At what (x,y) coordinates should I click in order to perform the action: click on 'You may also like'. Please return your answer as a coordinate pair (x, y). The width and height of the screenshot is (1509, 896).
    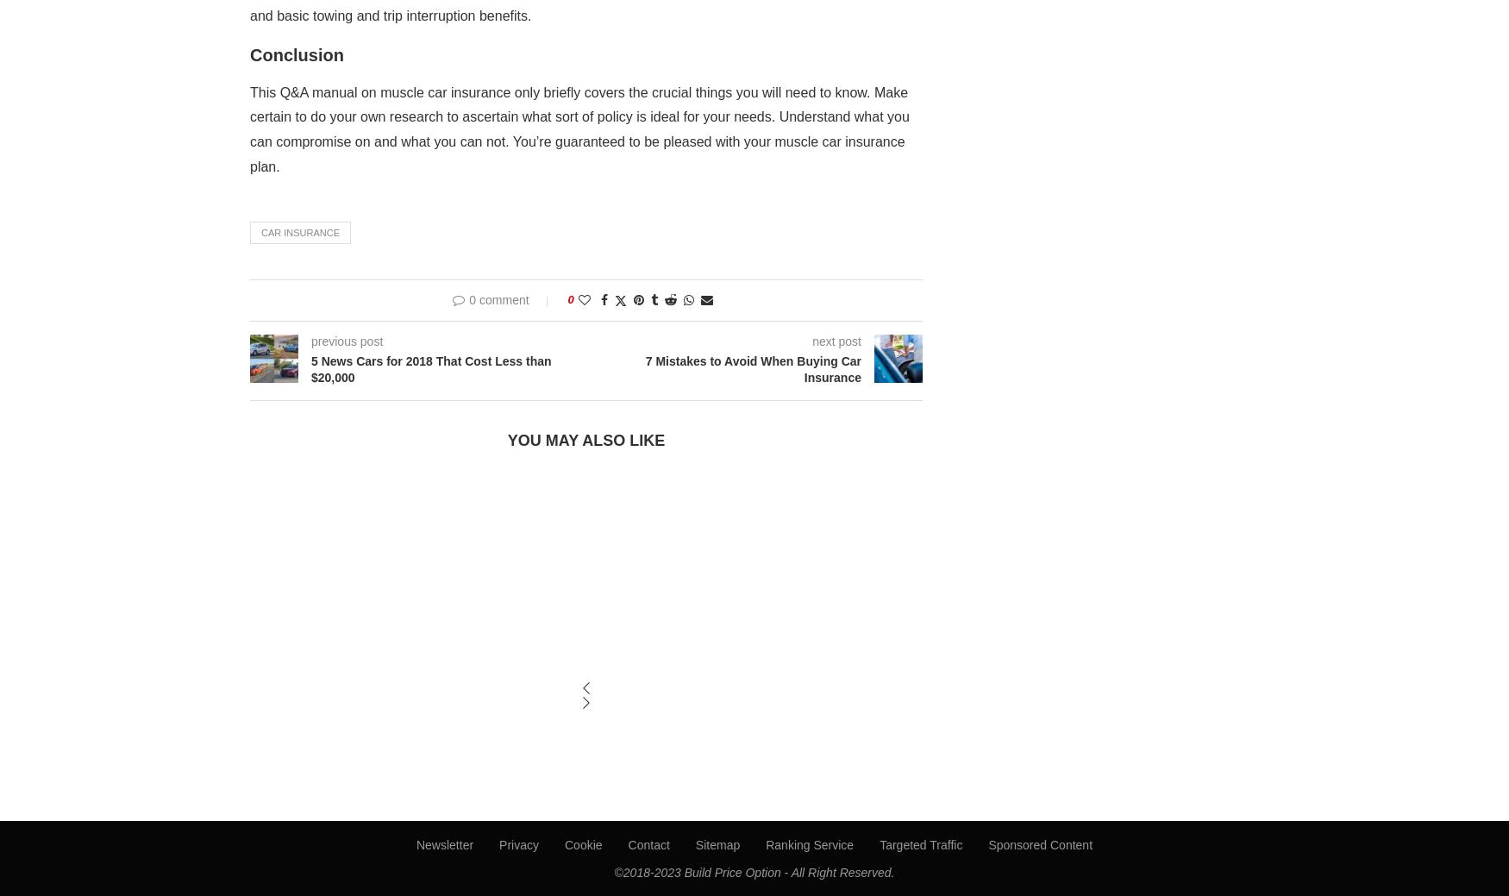
    Looking at the image, I should click on (585, 439).